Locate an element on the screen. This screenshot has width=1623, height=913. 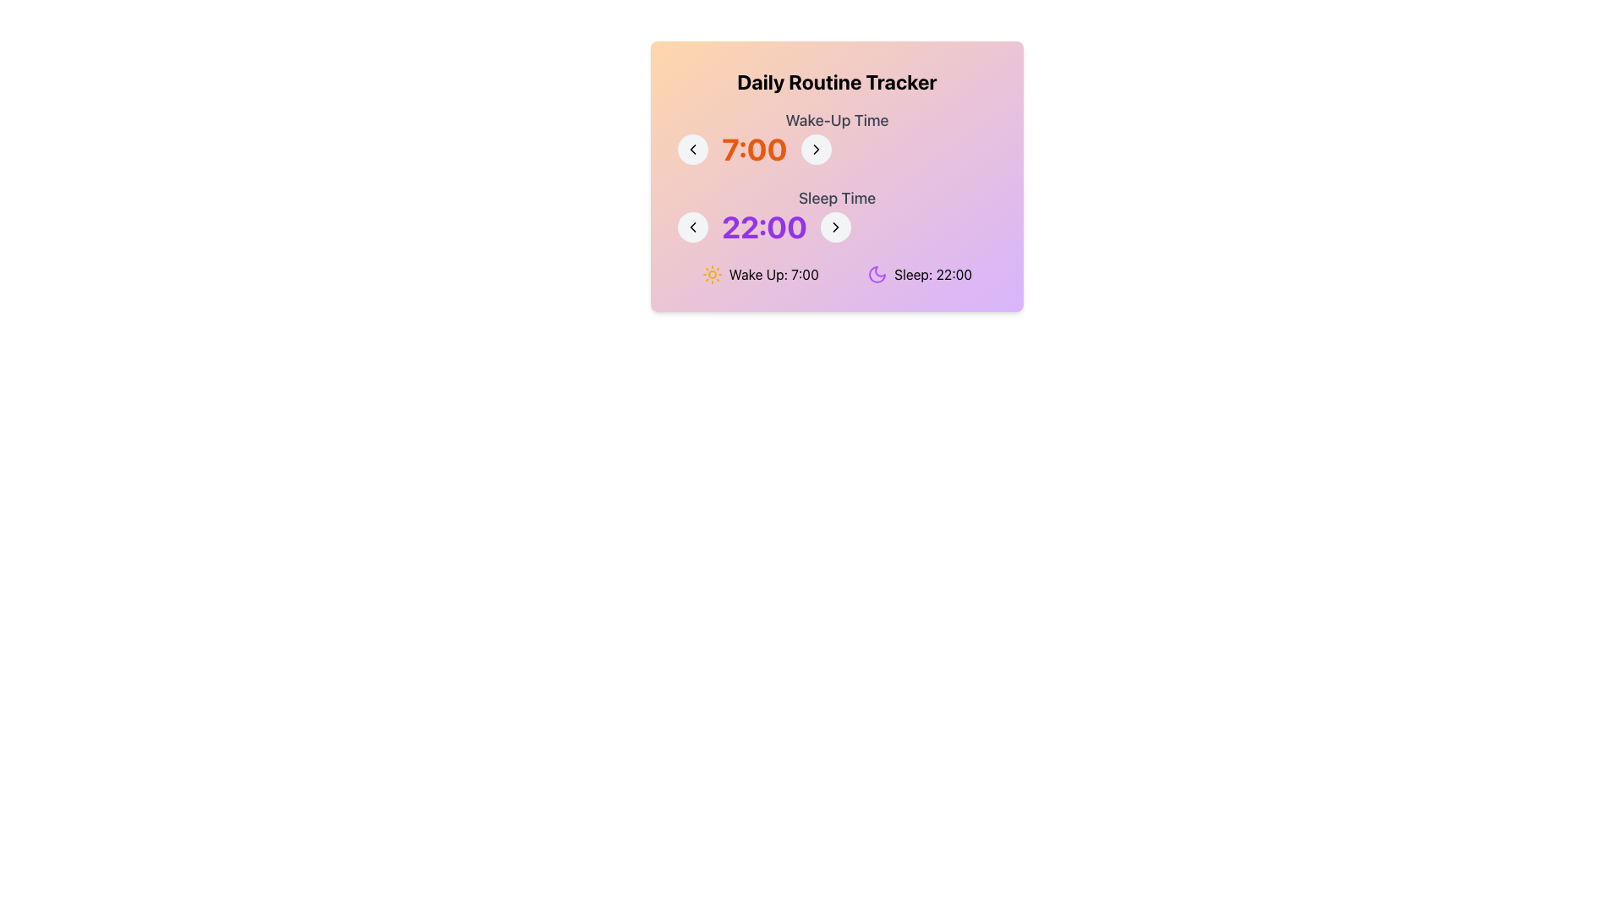
the button that increases the 'Wake-Up Time' setting, located to the right of '7:00' in the 'Daily Routine Tracker' card interface is located at coordinates (816, 149).